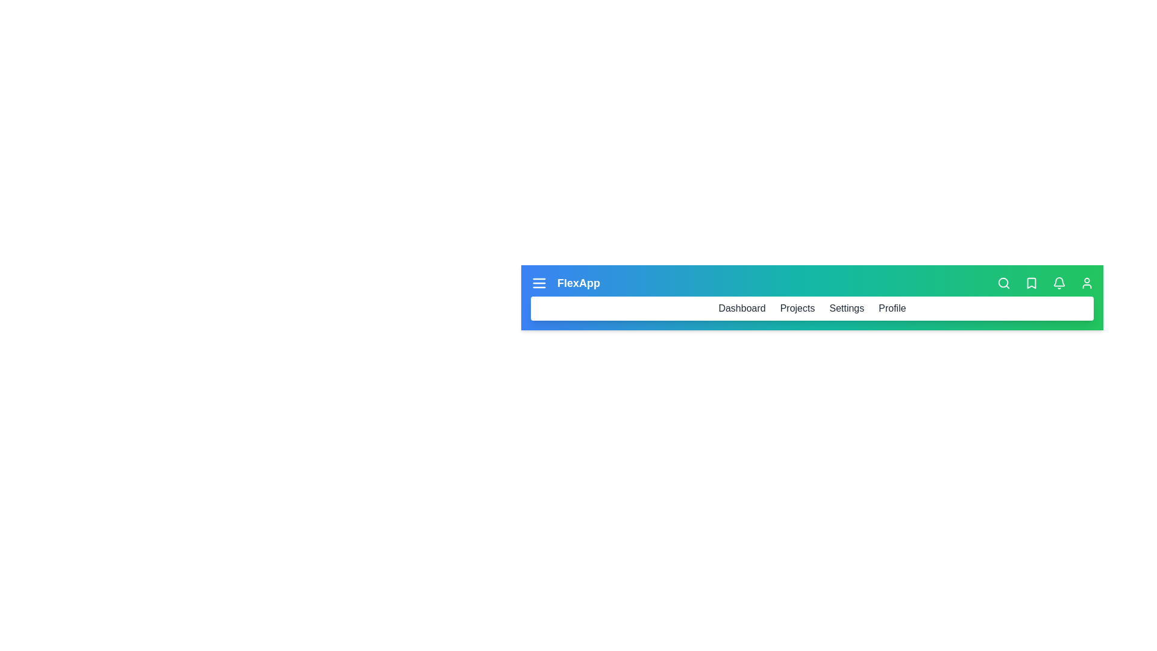 This screenshot has height=651, width=1157. What do you see at coordinates (1031, 283) in the screenshot?
I see `the bookmark icon to save or manage bookmarks` at bounding box center [1031, 283].